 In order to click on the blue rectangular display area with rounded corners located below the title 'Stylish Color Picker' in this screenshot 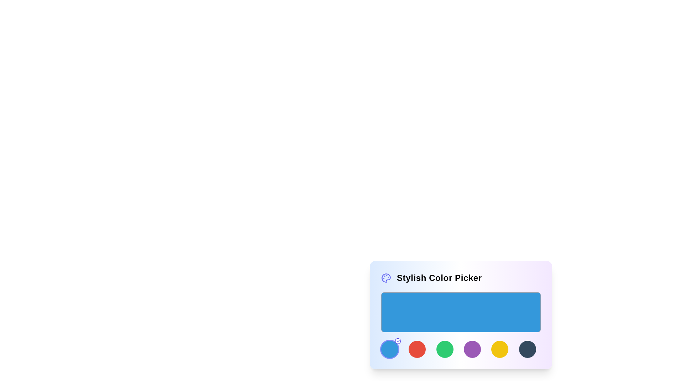, I will do `click(461, 312)`.